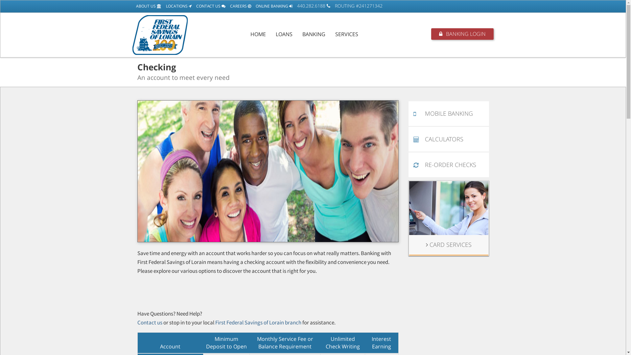 The height and width of the screenshot is (355, 631). What do you see at coordinates (238, 6) in the screenshot?
I see `'CAREERS'` at bounding box center [238, 6].